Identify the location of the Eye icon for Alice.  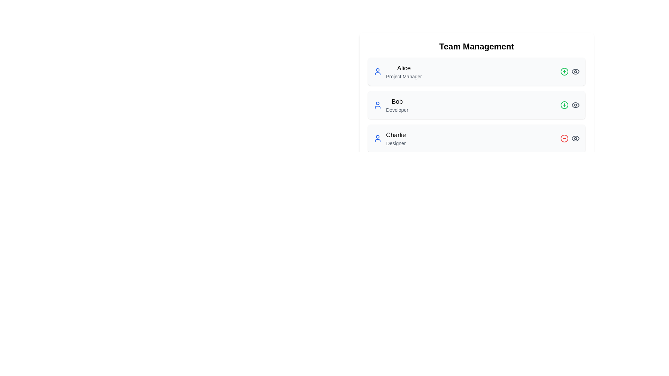
(575, 71).